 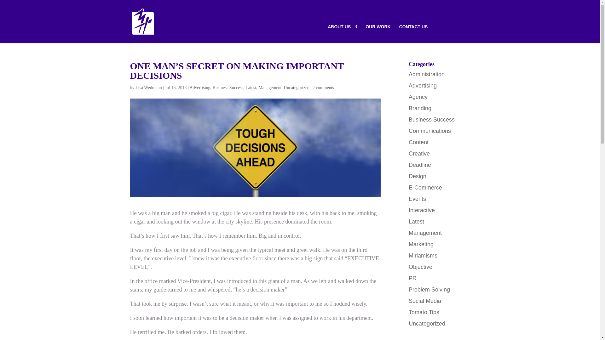 I want to click on 'Design', so click(x=417, y=176).